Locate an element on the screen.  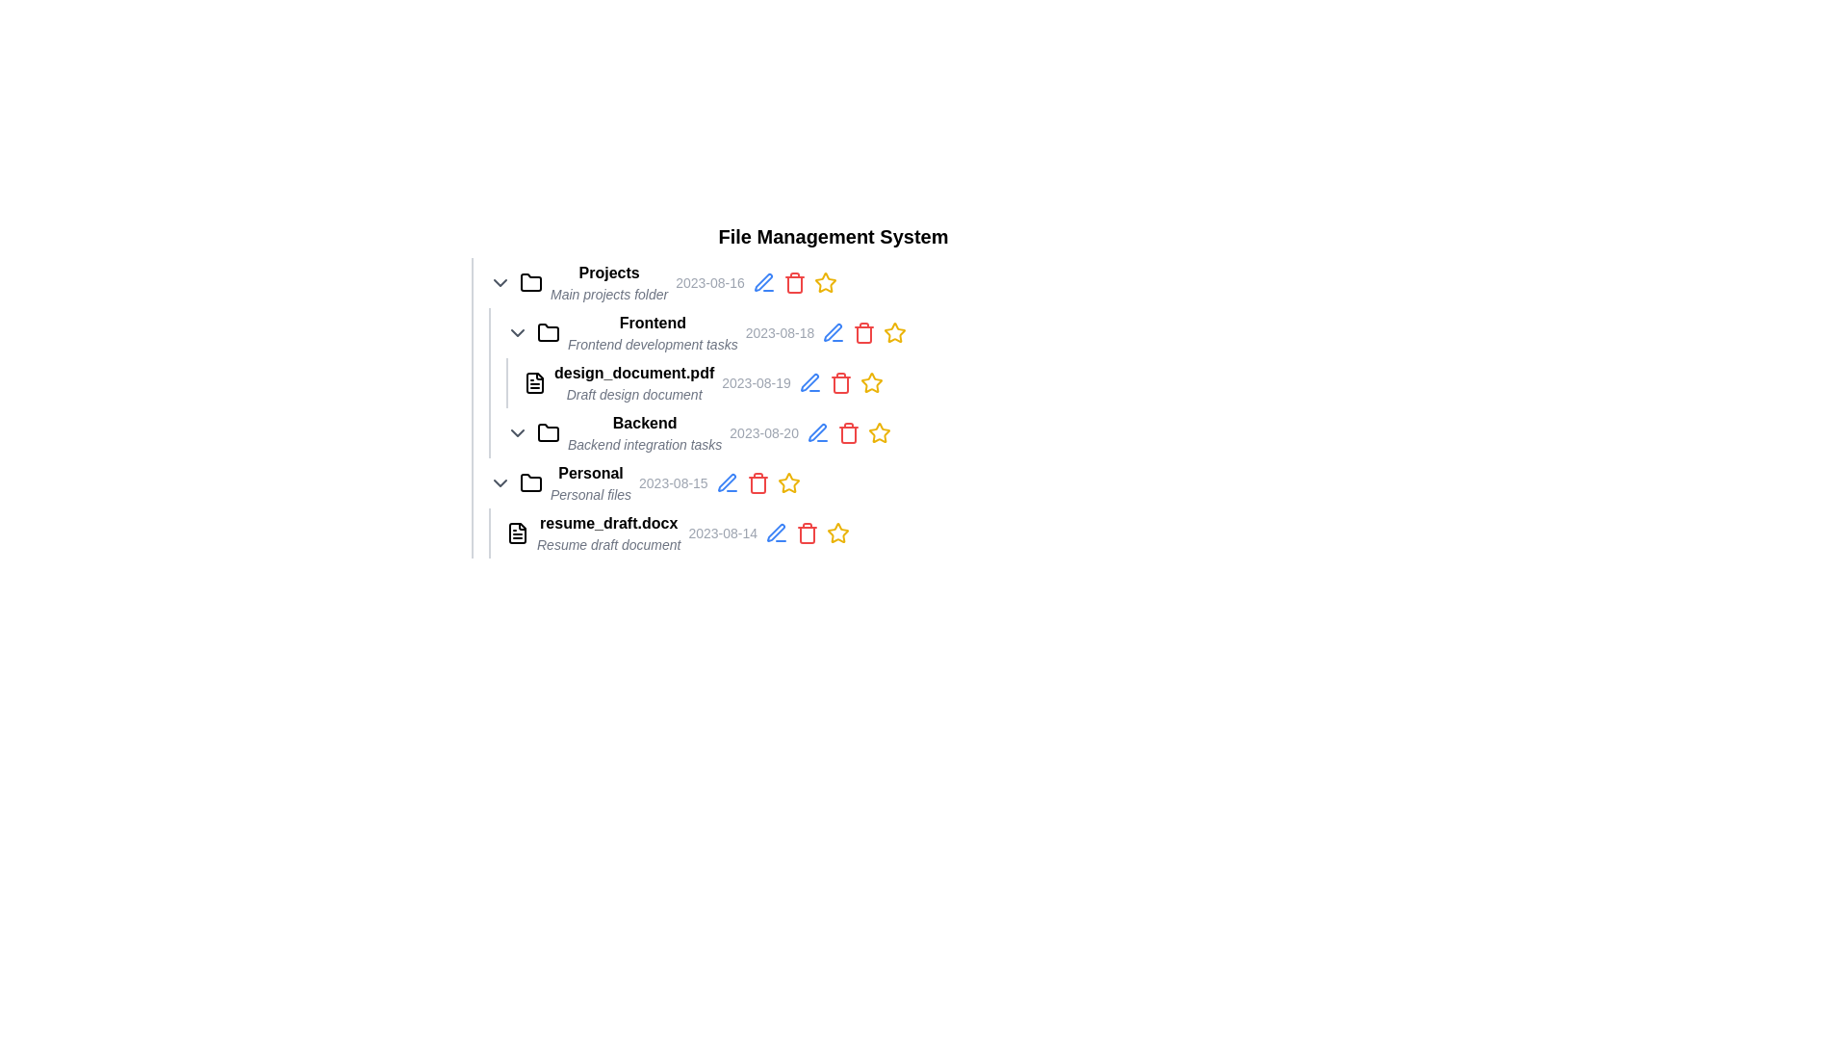
the text label 'resume_draft.docx' which is presented in bold font within the file management interface, located above the description text 'Resume draft document' is located at coordinates (607, 523).